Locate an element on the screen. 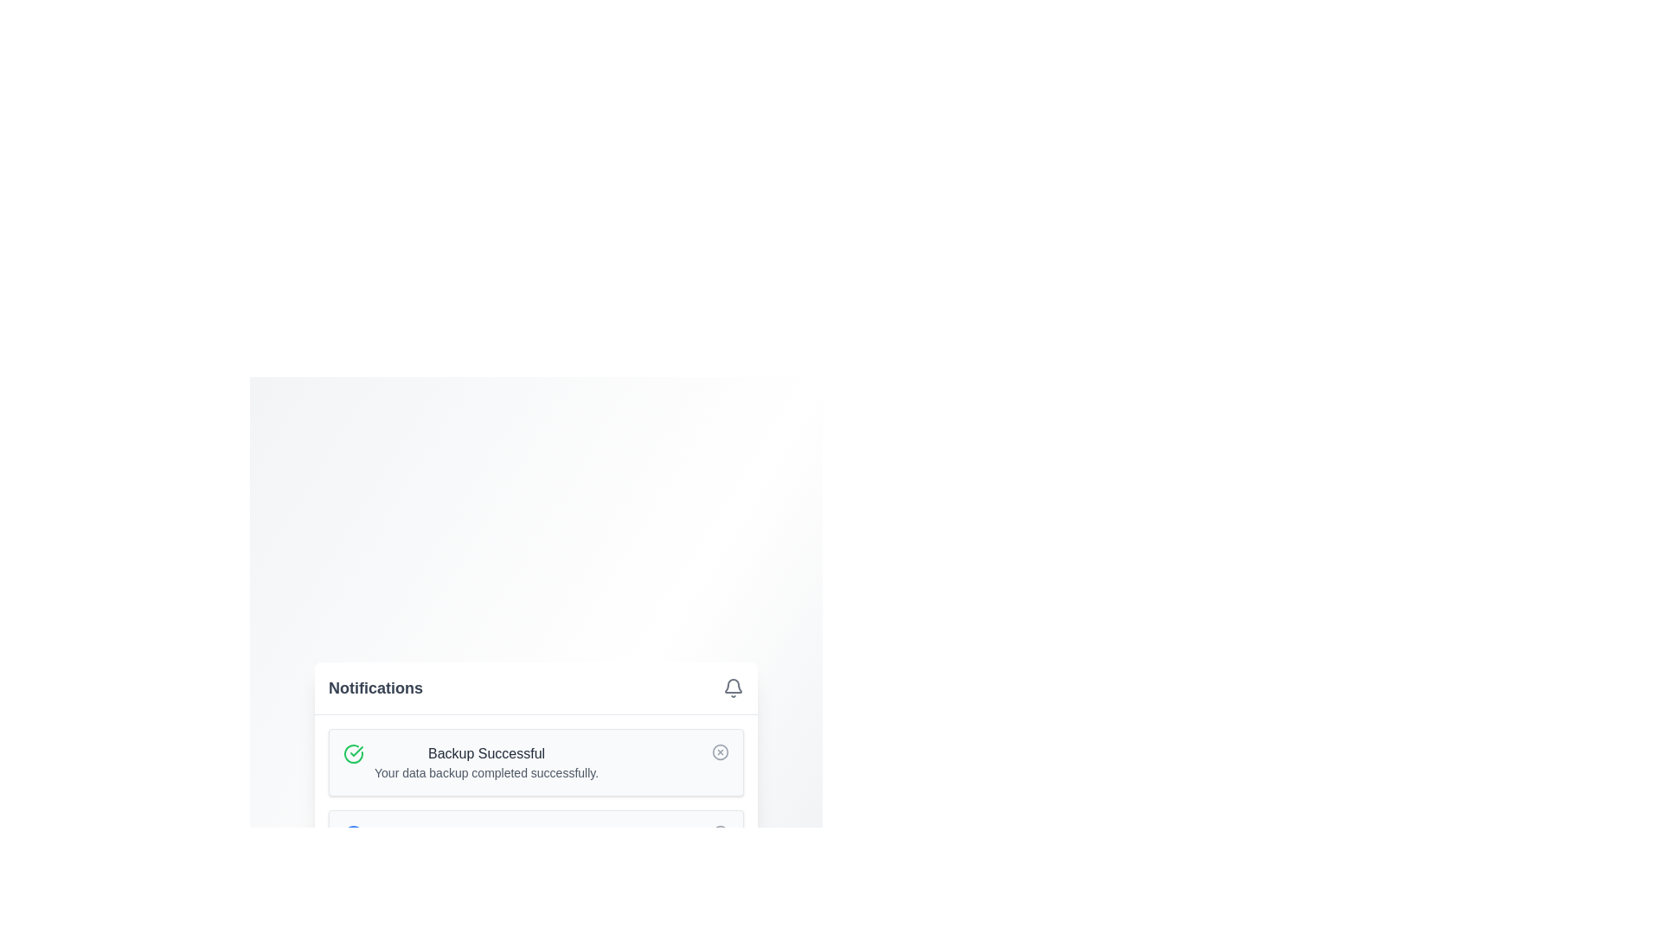 The height and width of the screenshot is (934, 1661). the circular icon button with a small 'x' symbol located at the top-right corner of the 'Backup Successful' notification panel to change its color to red is located at coordinates (721, 752).